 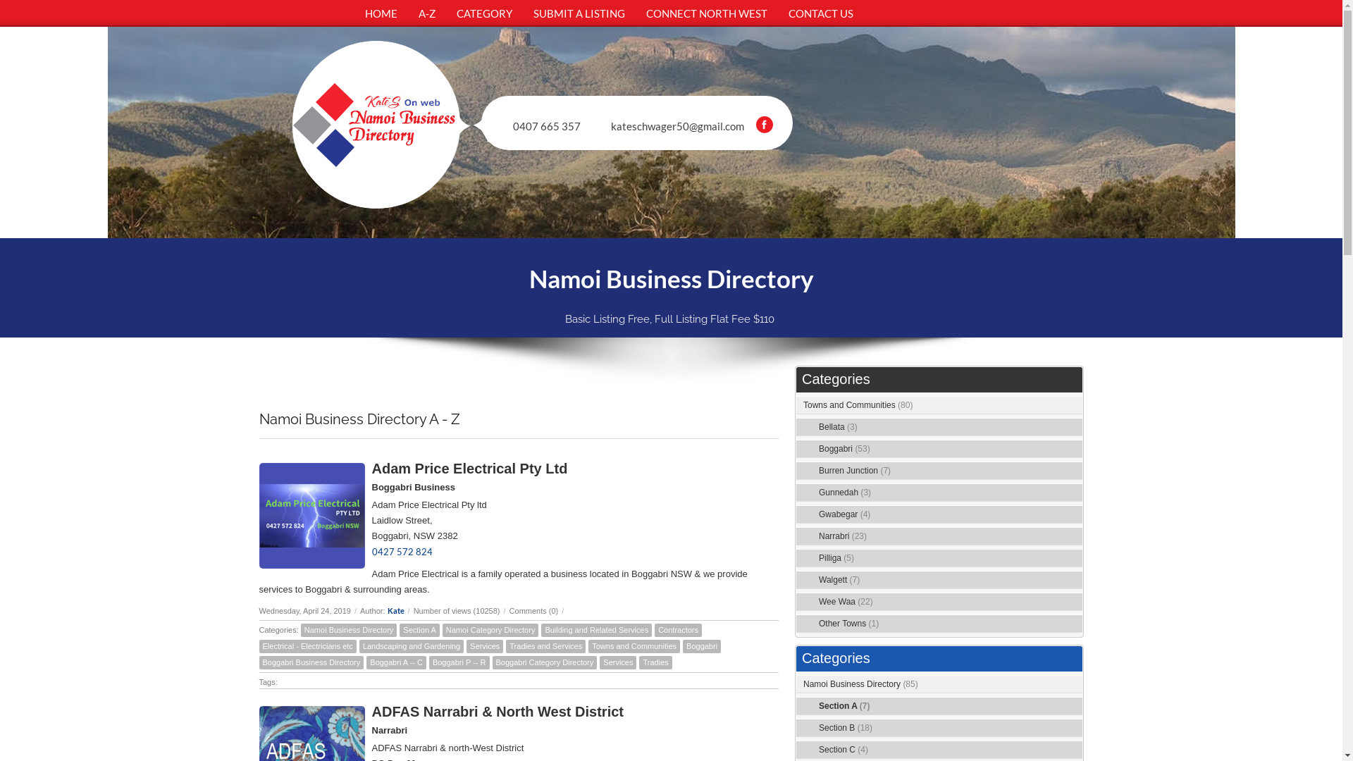 I want to click on 'Wee Waa (22)', so click(x=846, y=601).